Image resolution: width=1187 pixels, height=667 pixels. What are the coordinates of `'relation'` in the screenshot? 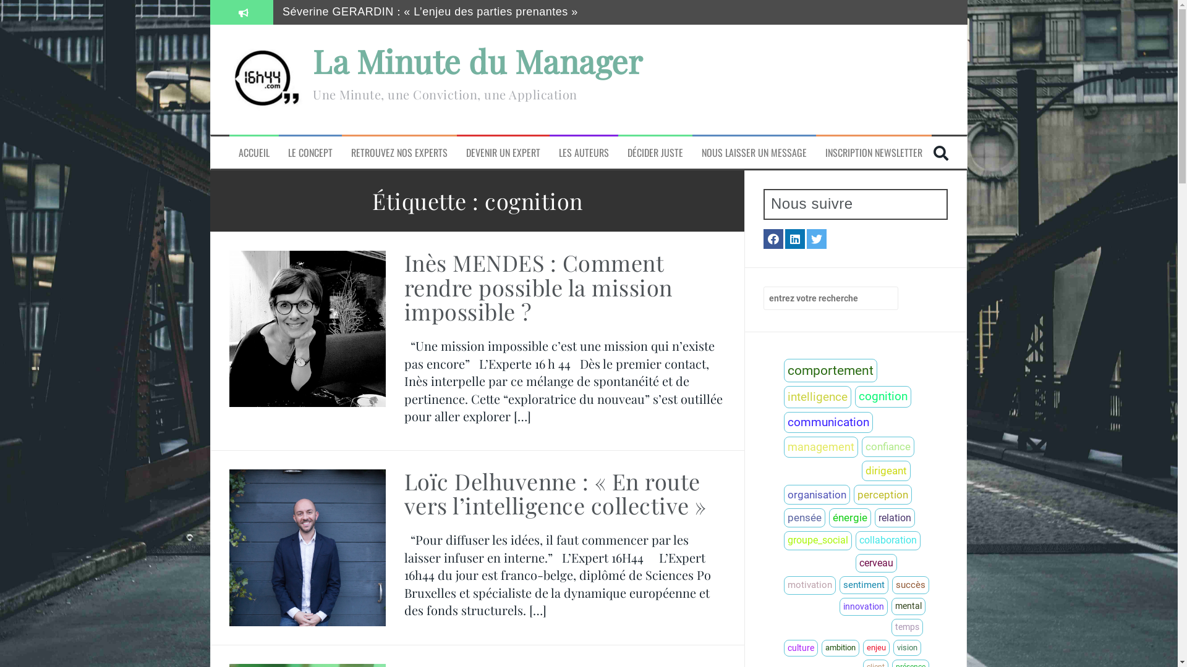 It's located at (874, 518).